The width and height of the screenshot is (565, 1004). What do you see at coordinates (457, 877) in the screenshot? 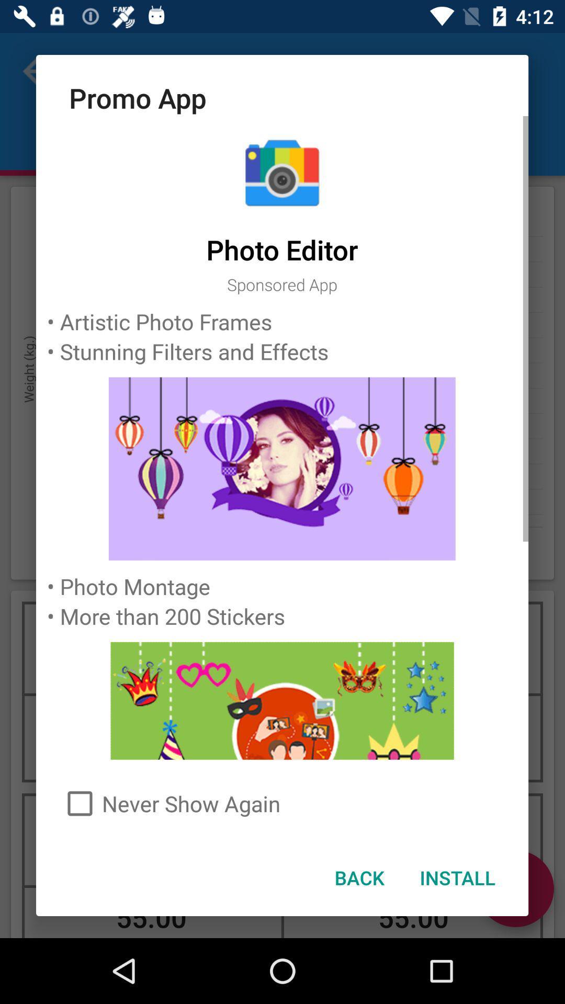
I see `install at the bottom right corner` at bounding box center [457, 877].